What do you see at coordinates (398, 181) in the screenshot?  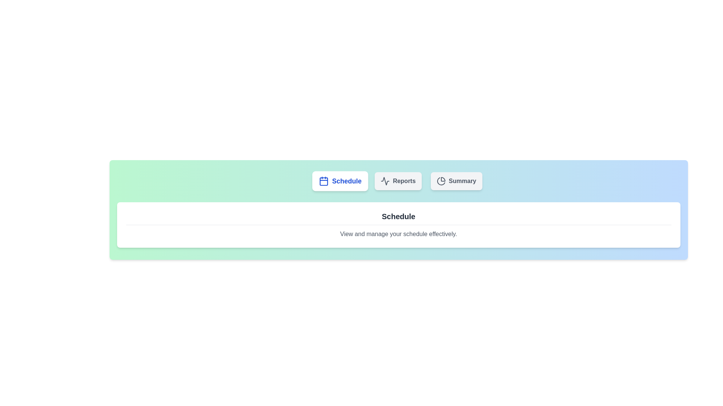 I see `the tab labeled Reports to observe its interaction effect` at bounding box center [398, 181].